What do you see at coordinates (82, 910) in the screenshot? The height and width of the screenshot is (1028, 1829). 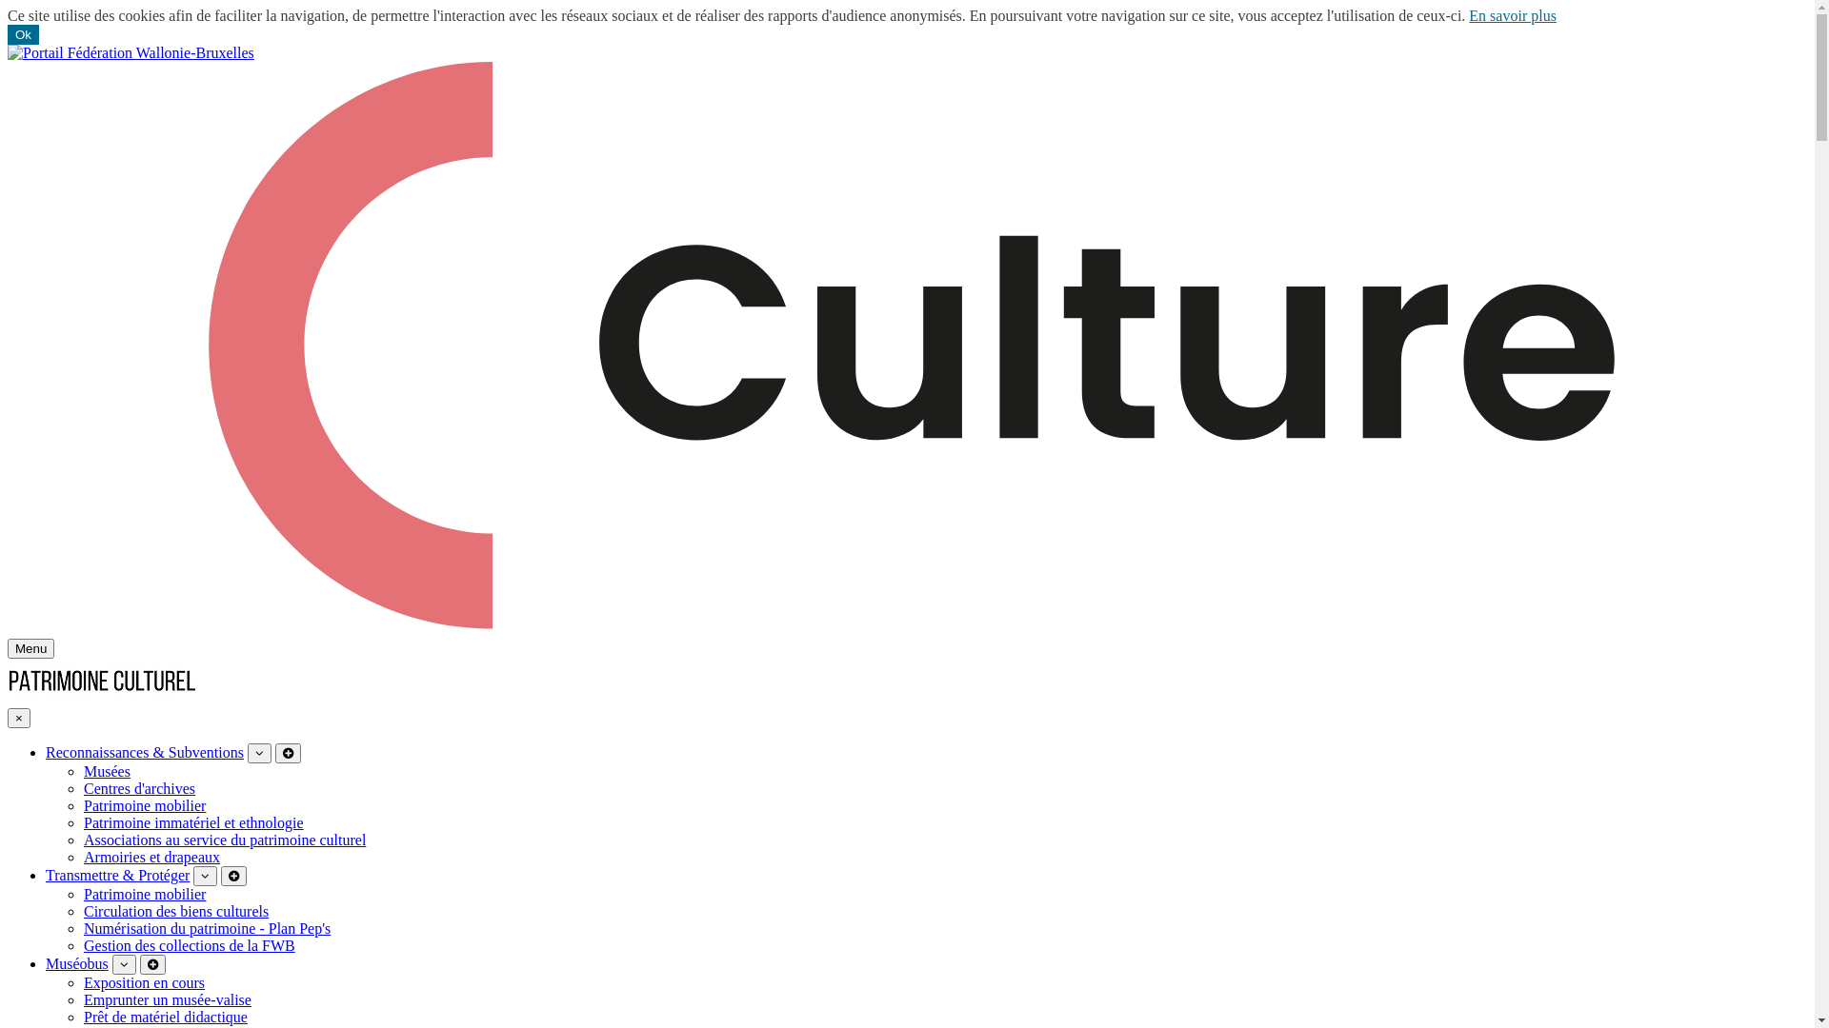 I see `'Circulation des biens culturels'` at bounding box center [82, 910].